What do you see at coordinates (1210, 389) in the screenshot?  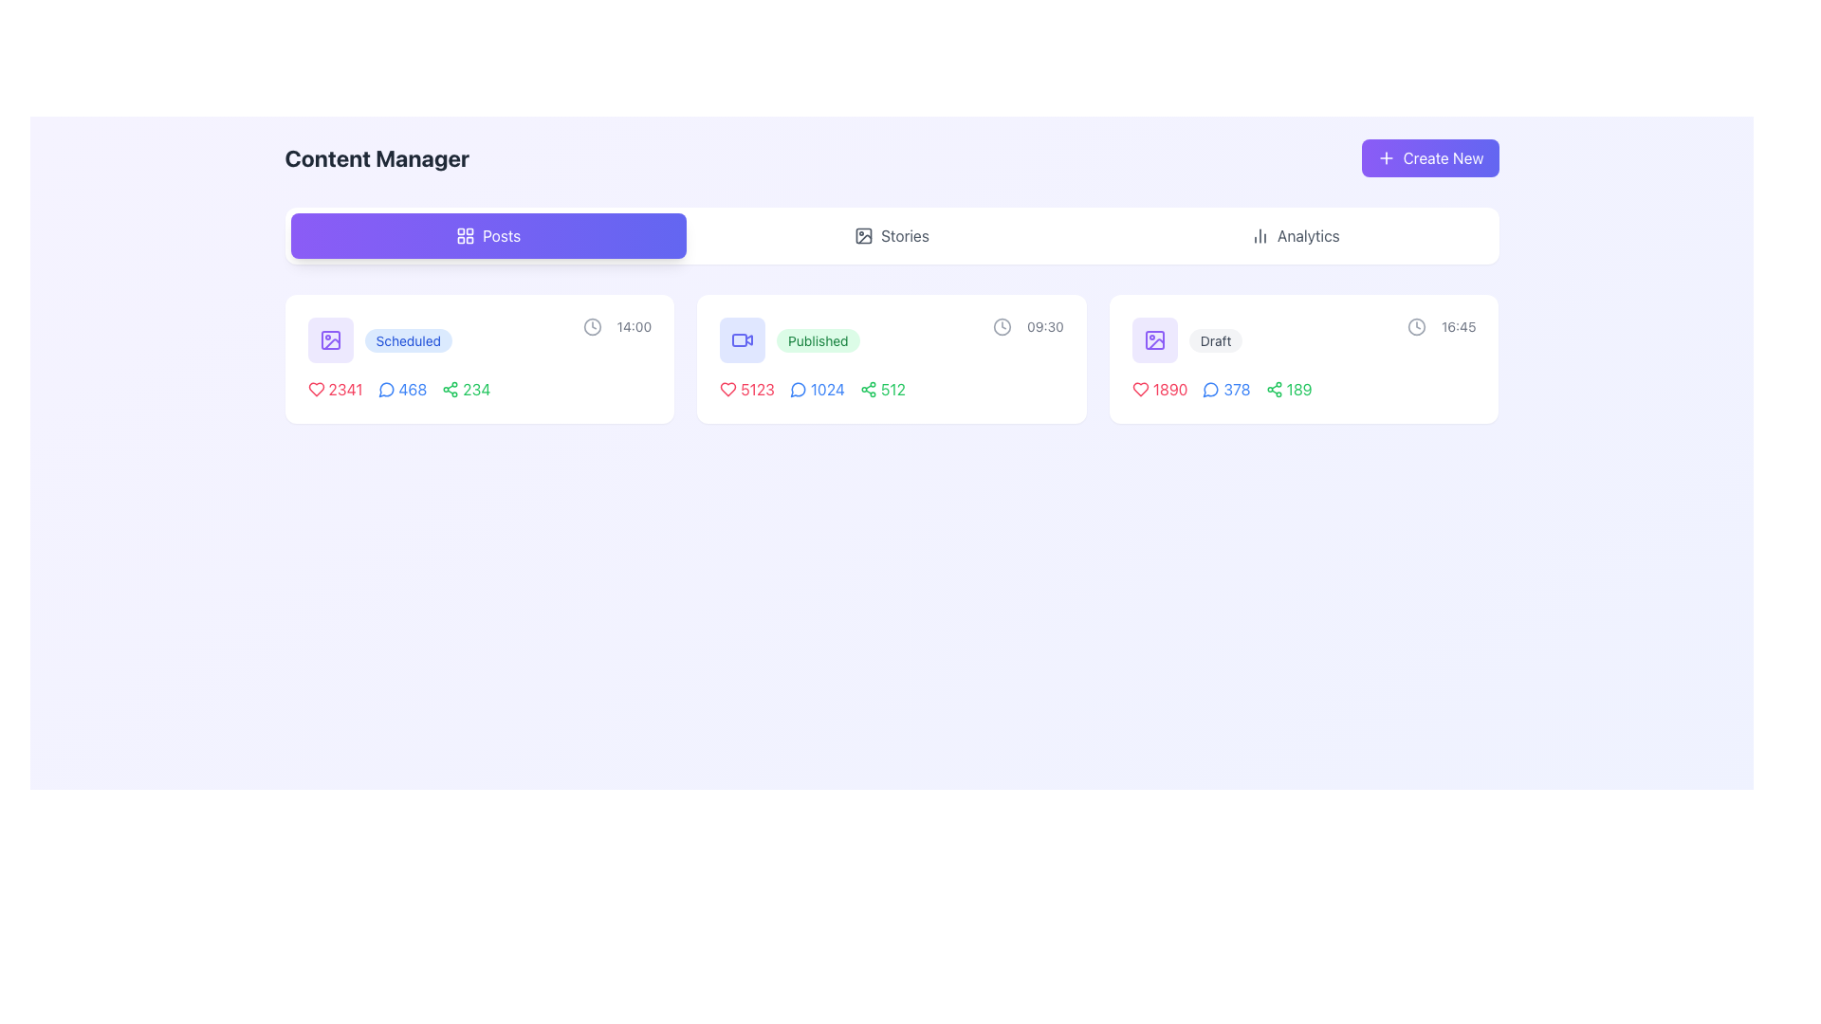 I see `the circular outlined speech bubble icon representing comments in the 'Draft' card of the 'Posts' section, located next to the comment count '378'` at bounding box center [1210, 389].